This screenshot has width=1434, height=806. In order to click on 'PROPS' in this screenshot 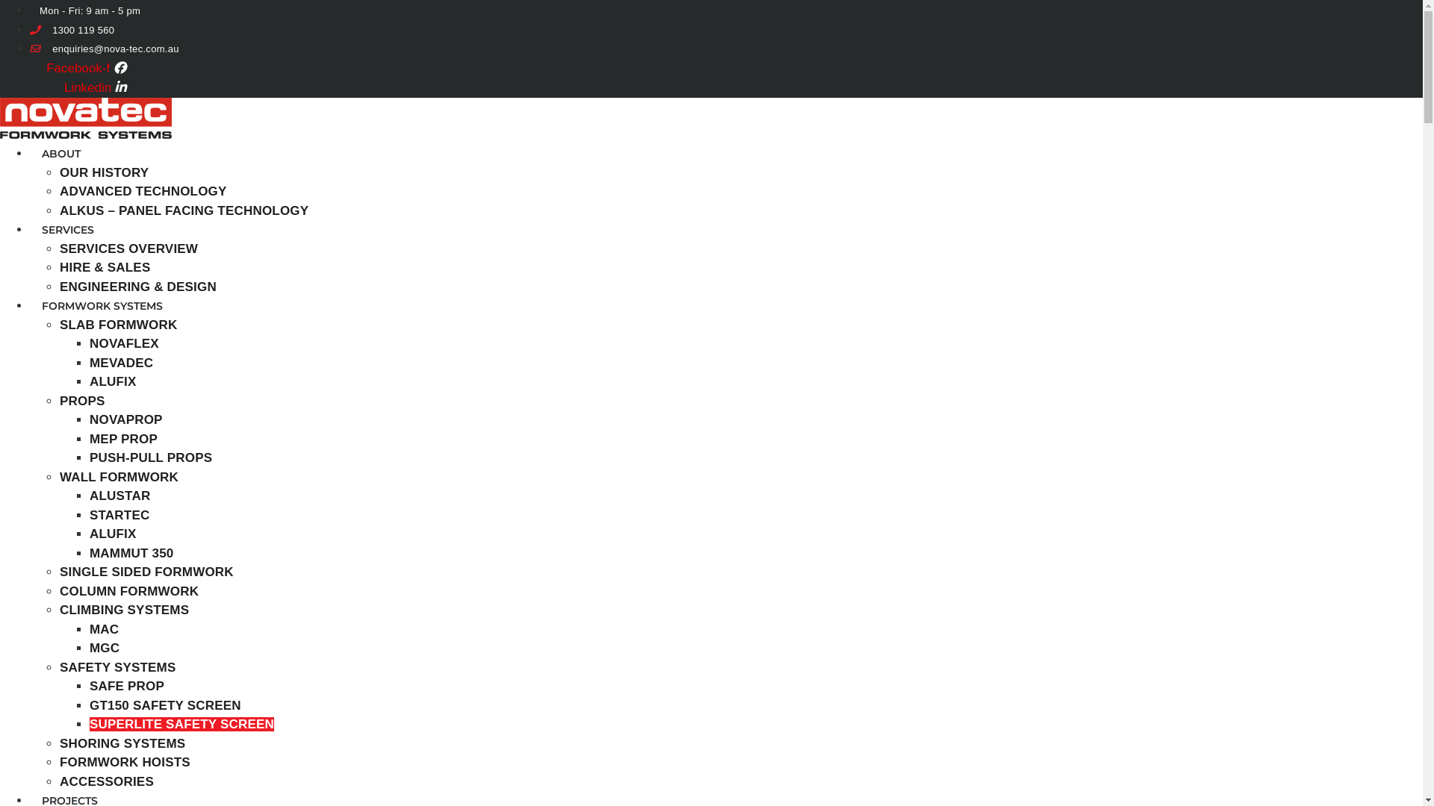, I will do `click(81, 400)`.